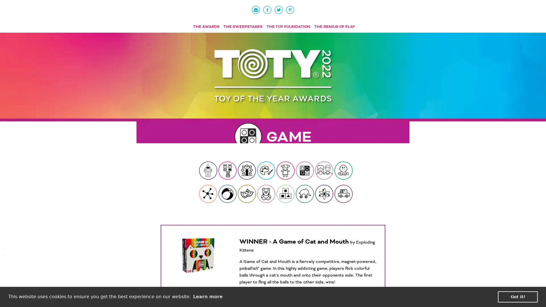 The image size is (546, 307). What do you see at coordinates (518, 296) in the screenshot?
I see `dismiss cookie message` at bounding box center [518, 296].